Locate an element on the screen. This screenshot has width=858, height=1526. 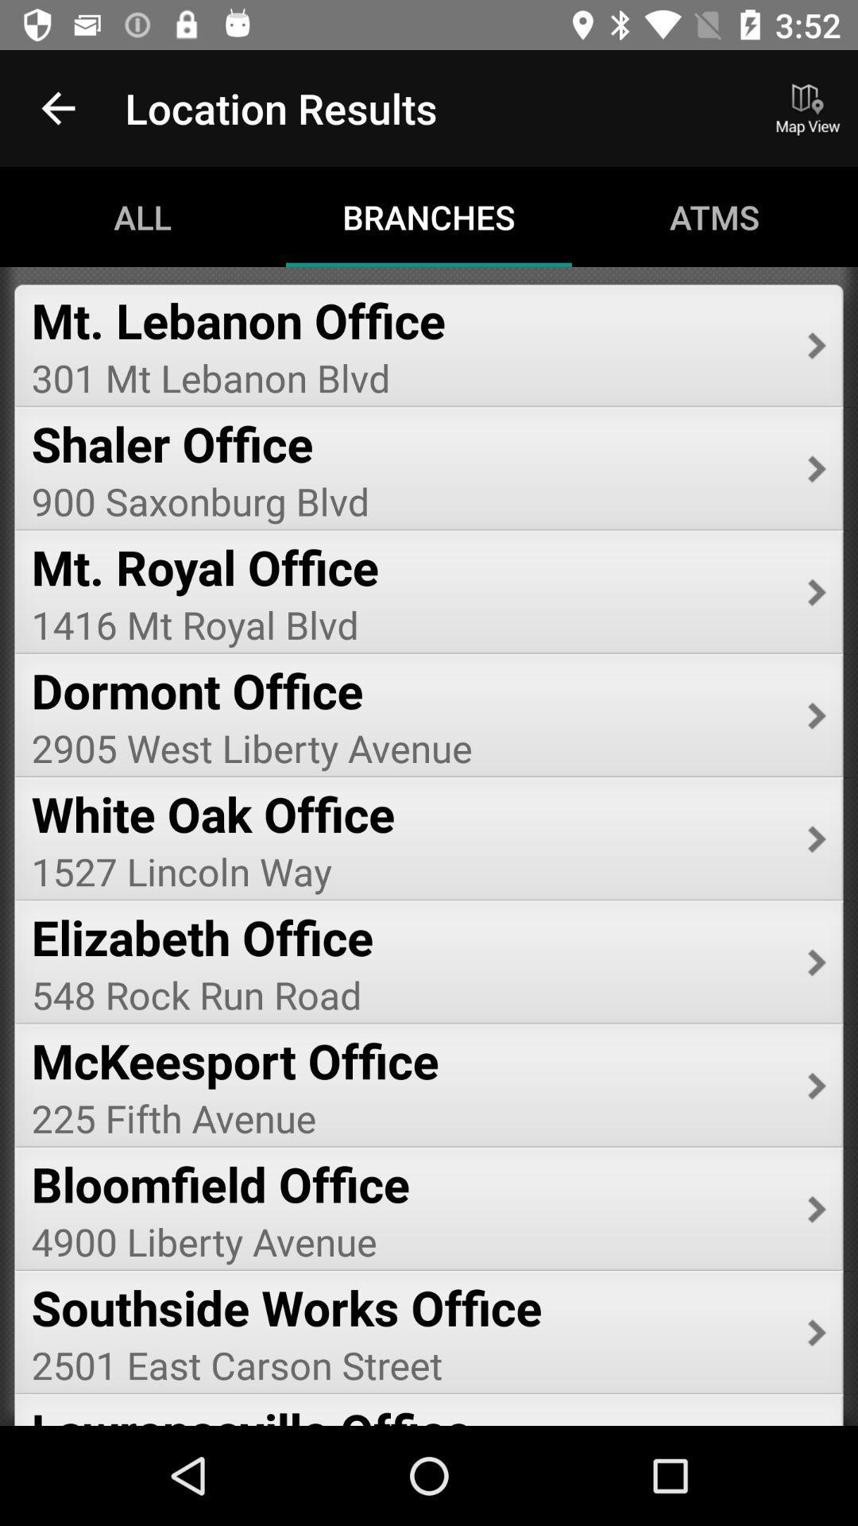
icon above the southside works office is located at coordinates (408, 1241).